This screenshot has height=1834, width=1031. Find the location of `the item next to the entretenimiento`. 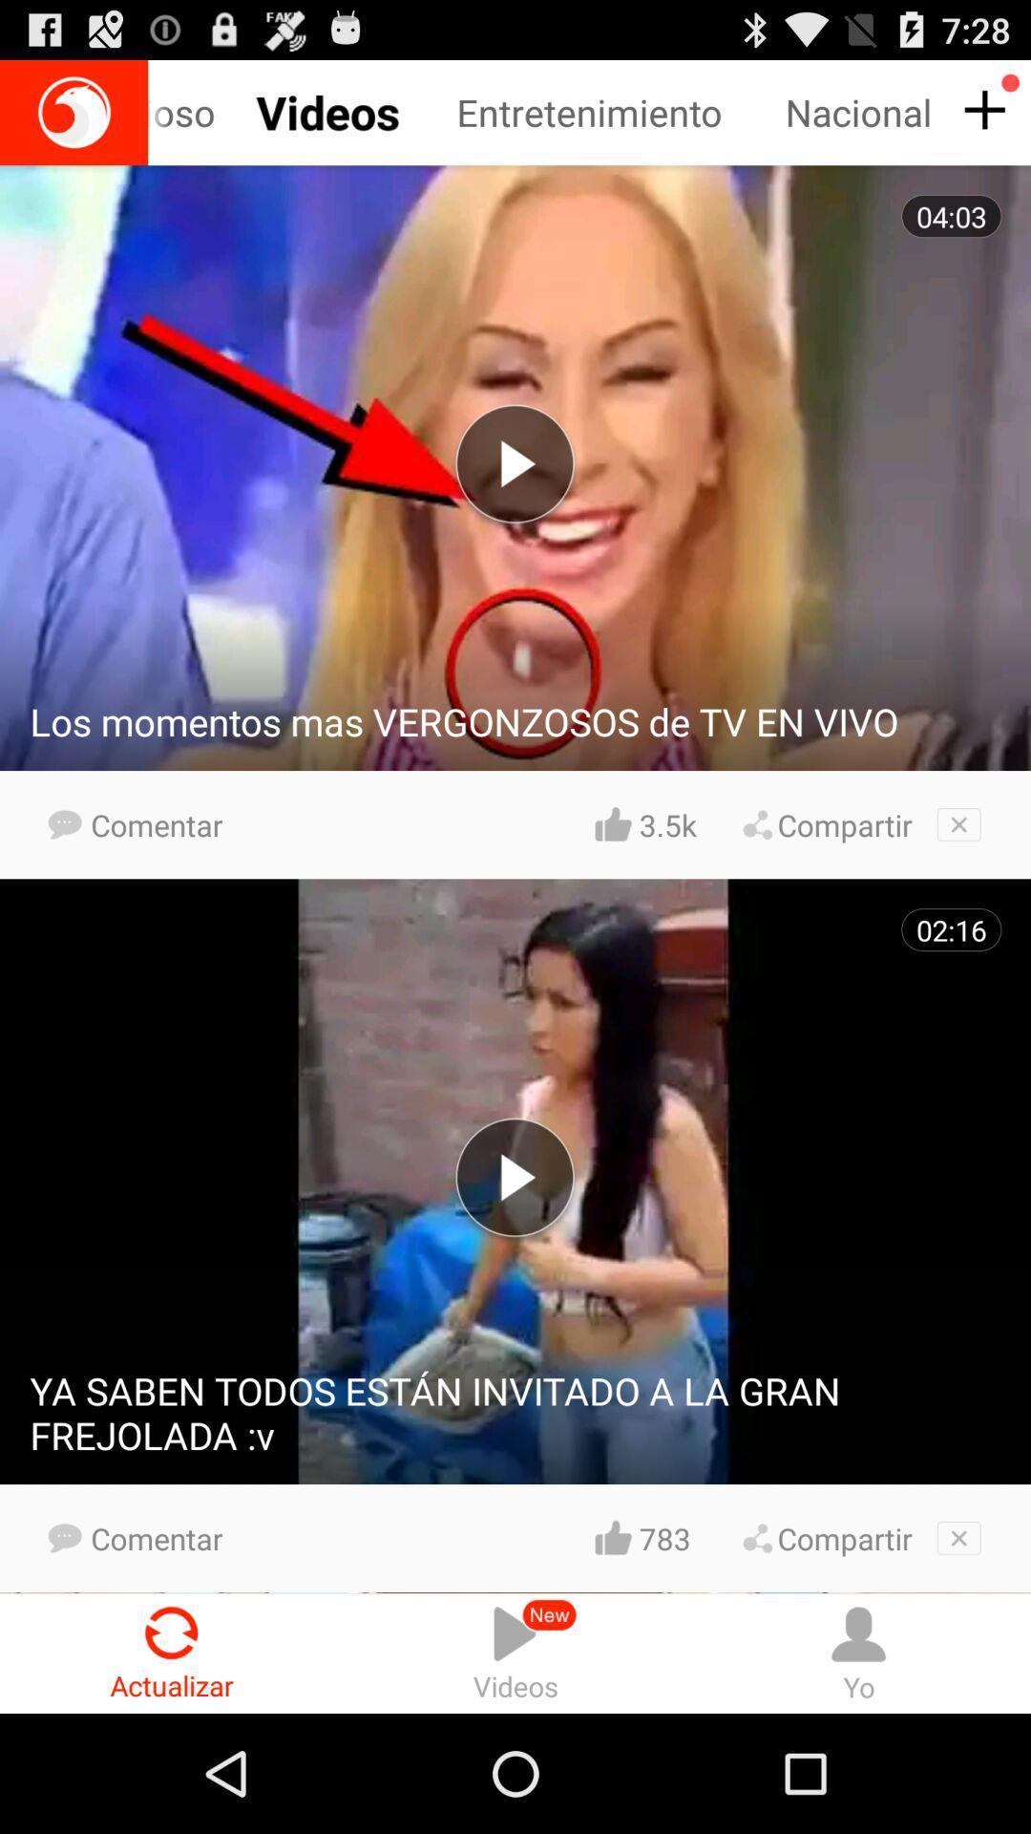

the item next to the entretenimiento is located at coordinates (213, 112).